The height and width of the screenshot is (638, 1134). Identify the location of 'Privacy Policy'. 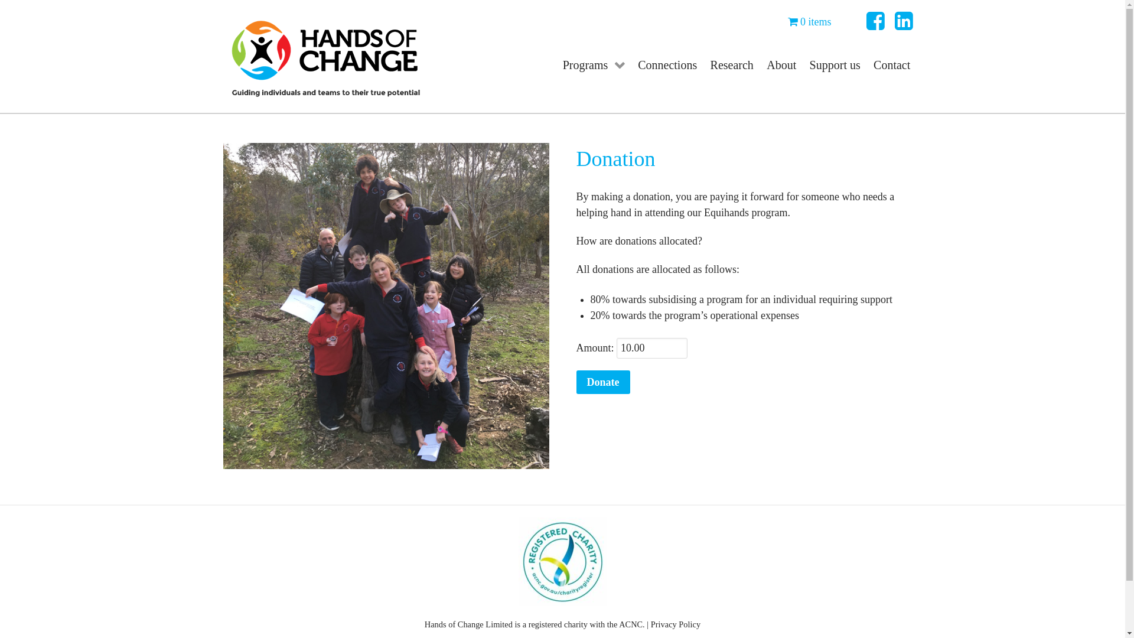
(675, 623).